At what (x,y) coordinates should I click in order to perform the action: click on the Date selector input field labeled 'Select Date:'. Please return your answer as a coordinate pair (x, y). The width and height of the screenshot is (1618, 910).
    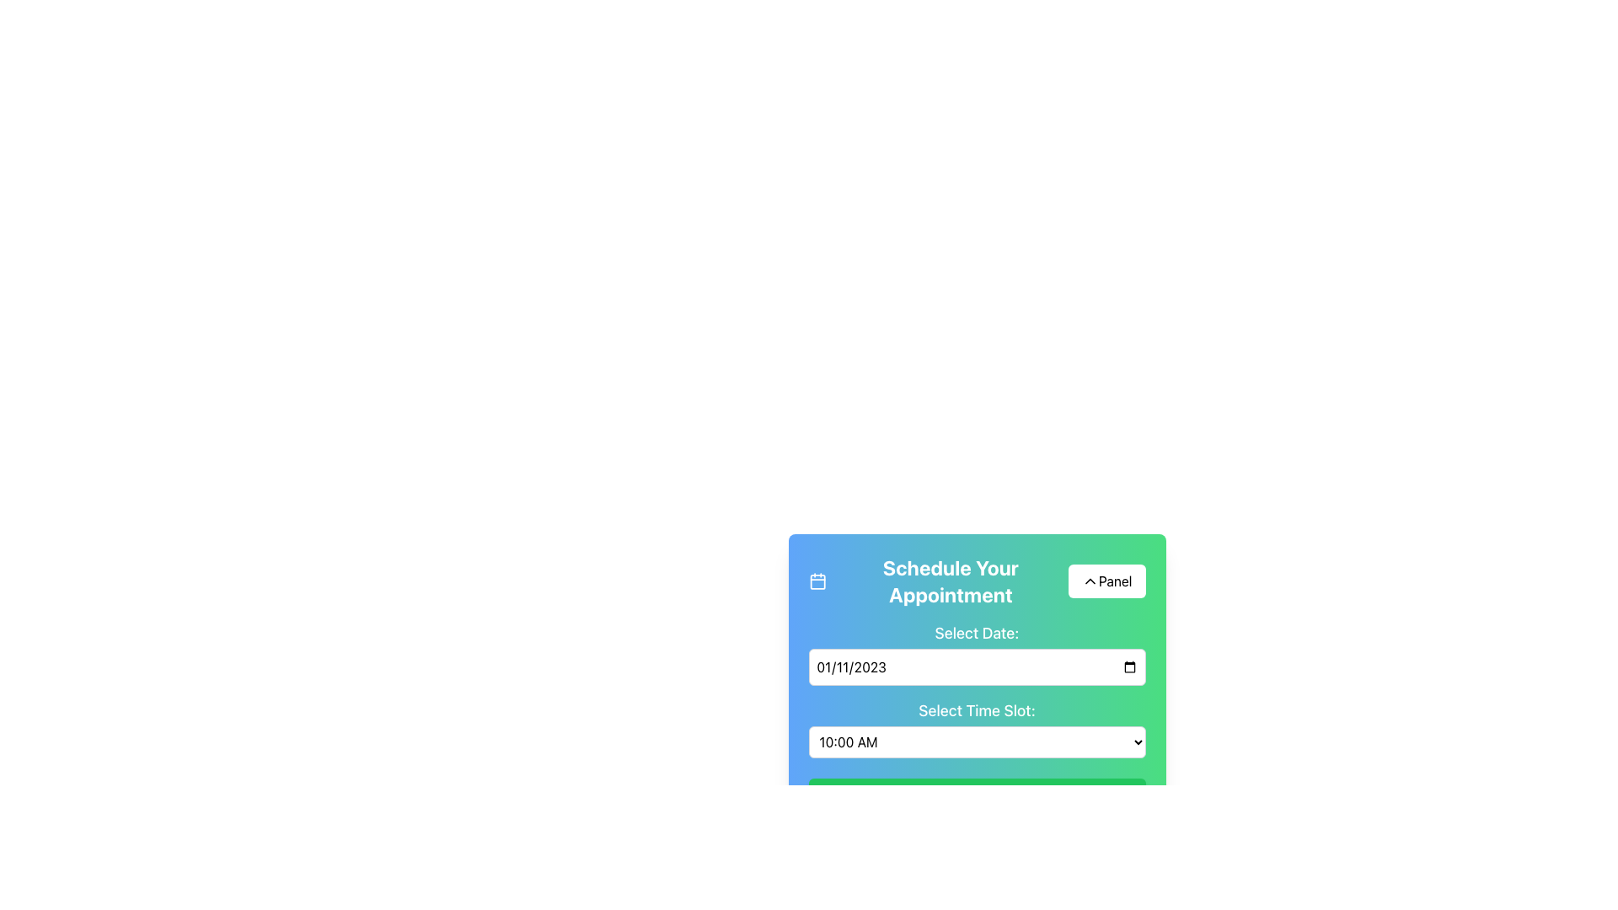
    Looking at the image, I should click on (977, 652).